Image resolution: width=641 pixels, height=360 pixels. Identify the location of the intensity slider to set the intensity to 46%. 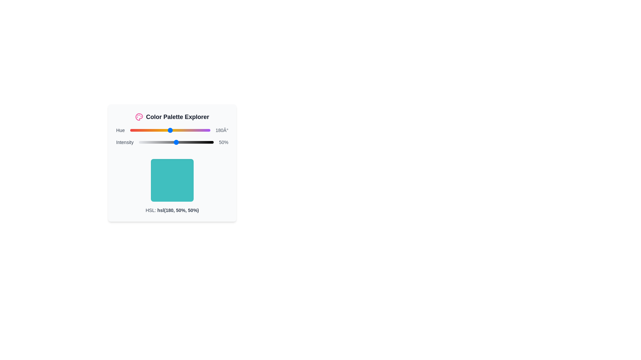
(173, 142).